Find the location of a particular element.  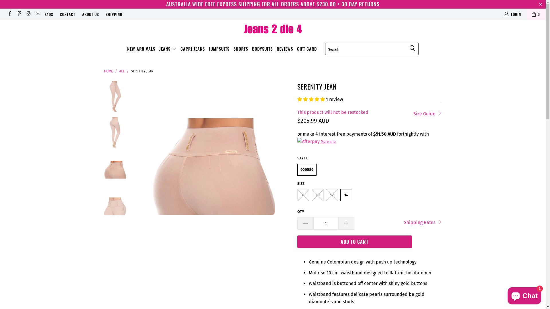

'REVIEWS' is located at coordinates (285, 49).